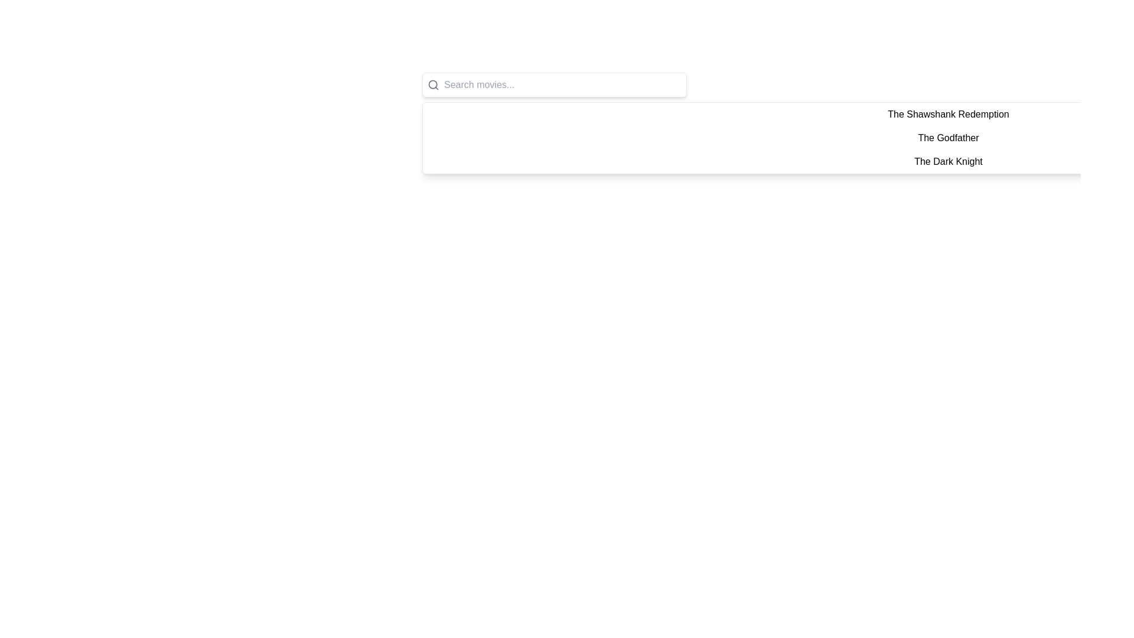  I want to click on the search input field to focus and start typing keywords for movie searches, so click(554, 84).